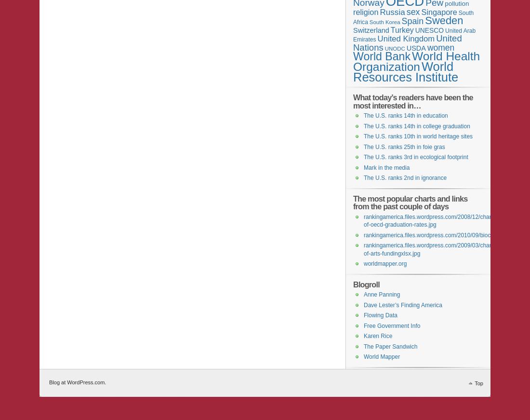 This screenshot has height=420, width=530. What do you see at coordinates (384, 21) in the screenshot?
I see `'South Korea'` at bounding box center [384, 21].